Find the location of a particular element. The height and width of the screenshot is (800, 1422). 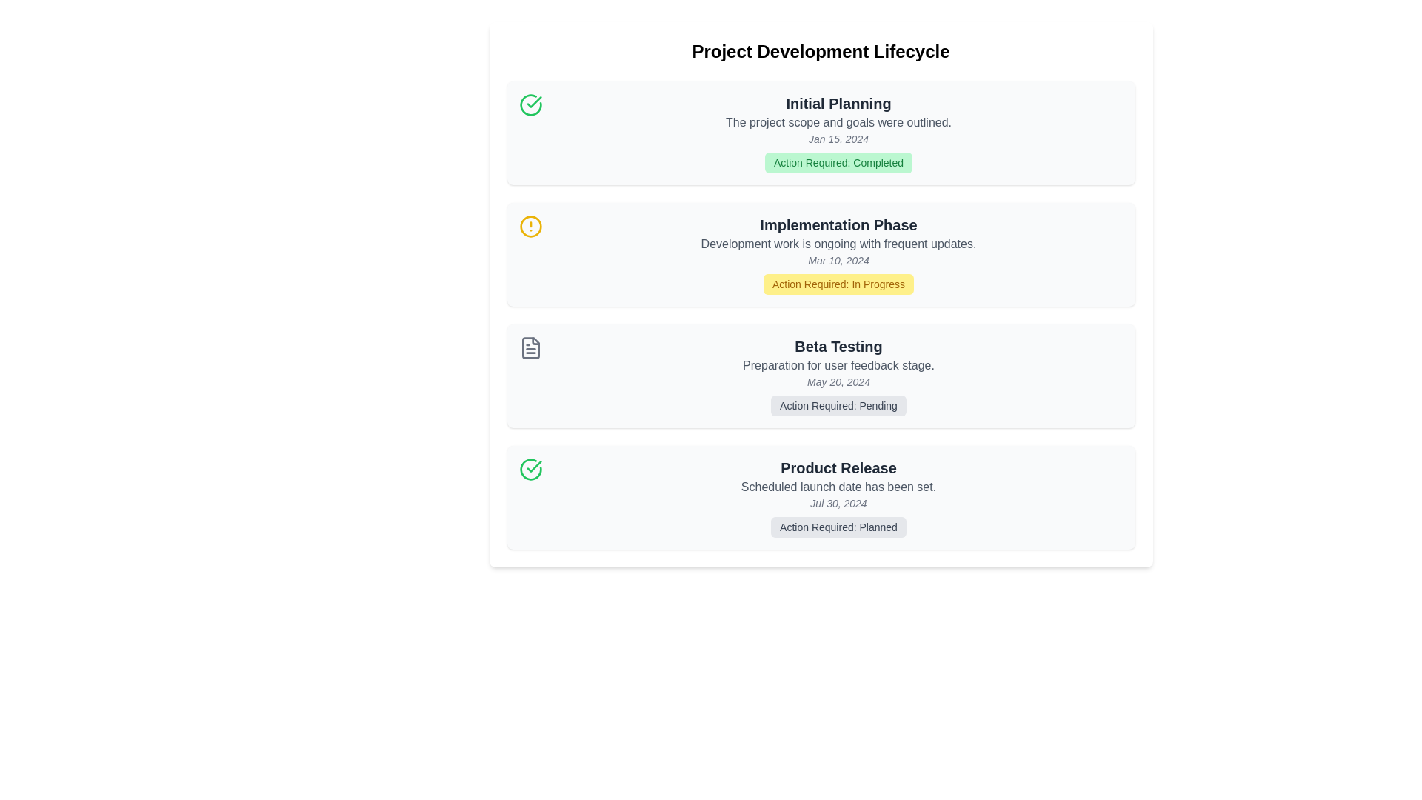

the static text element that provides additional information about the 'Beta Testing' section, located directly below the title and above the date is located at coordinates (838, 365).